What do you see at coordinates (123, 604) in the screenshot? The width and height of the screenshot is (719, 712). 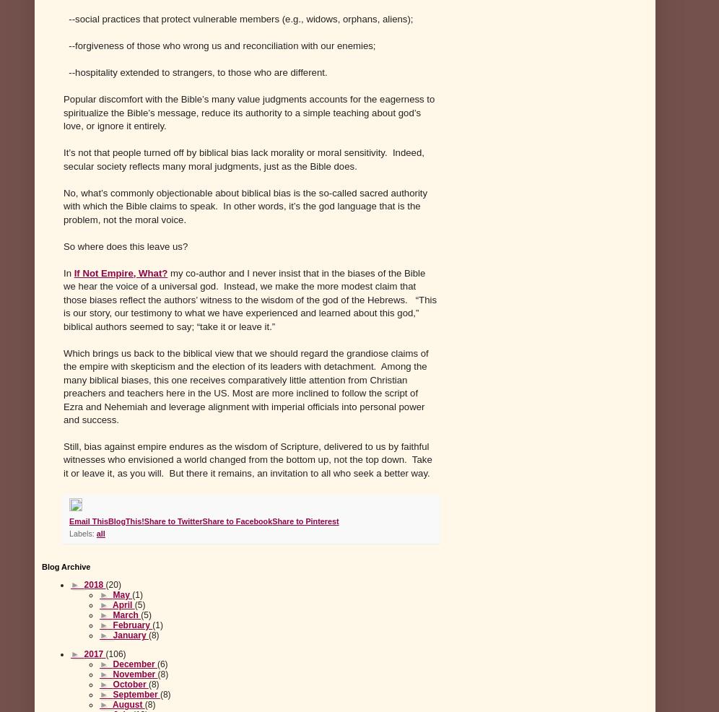 I see `'April'` at bounding box center [123, 604].